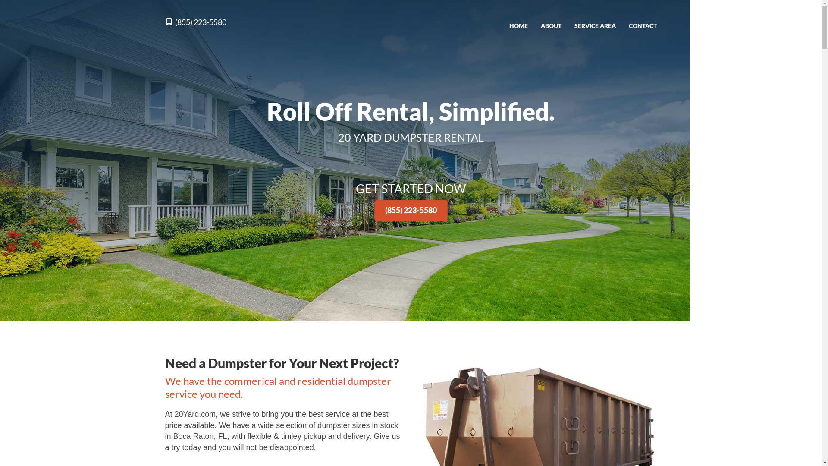  Describe the element at coordinates (642, 25) in the screenshot. I see `'CONTACT'` at that location.